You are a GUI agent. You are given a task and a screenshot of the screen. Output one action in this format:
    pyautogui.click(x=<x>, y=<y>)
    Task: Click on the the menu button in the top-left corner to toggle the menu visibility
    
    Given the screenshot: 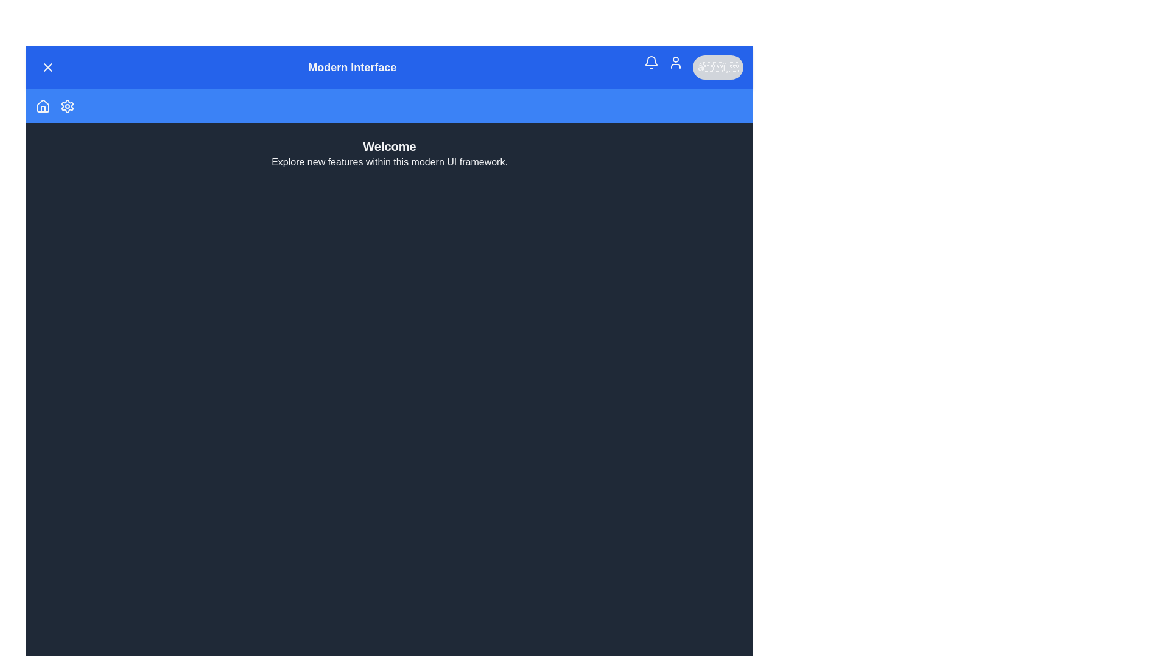 What is the action you would take?
    pyautogui.click(x=47, y=68)
    